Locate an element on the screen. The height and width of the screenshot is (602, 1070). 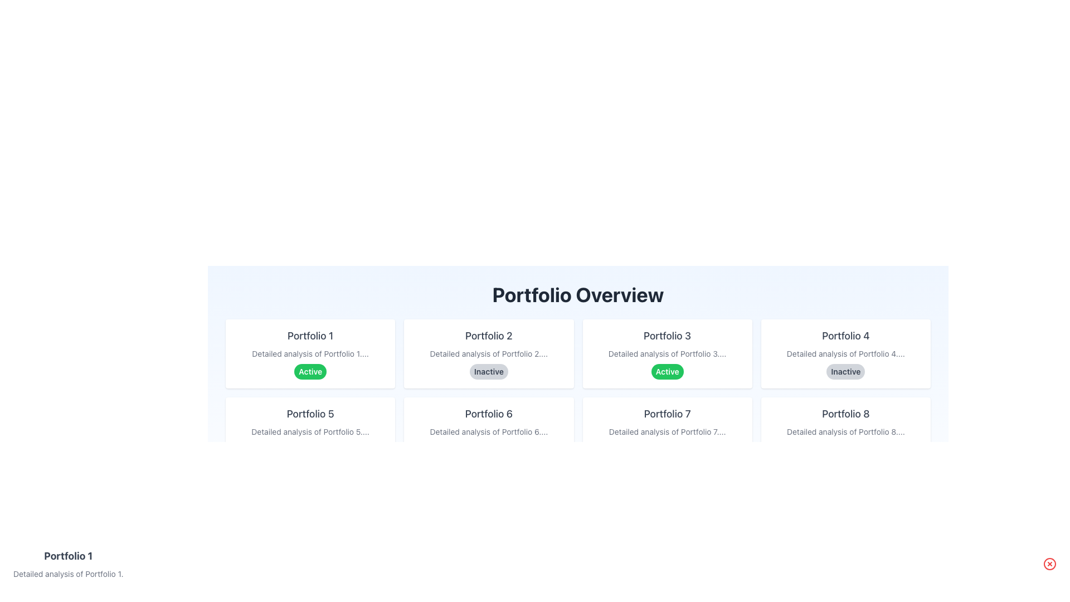
the small-sized text that reads 'Detailed analysis of Portfolio 3....' located centrally within the card labeled 'Portfolio 3' is located at coordinates (667, 354).